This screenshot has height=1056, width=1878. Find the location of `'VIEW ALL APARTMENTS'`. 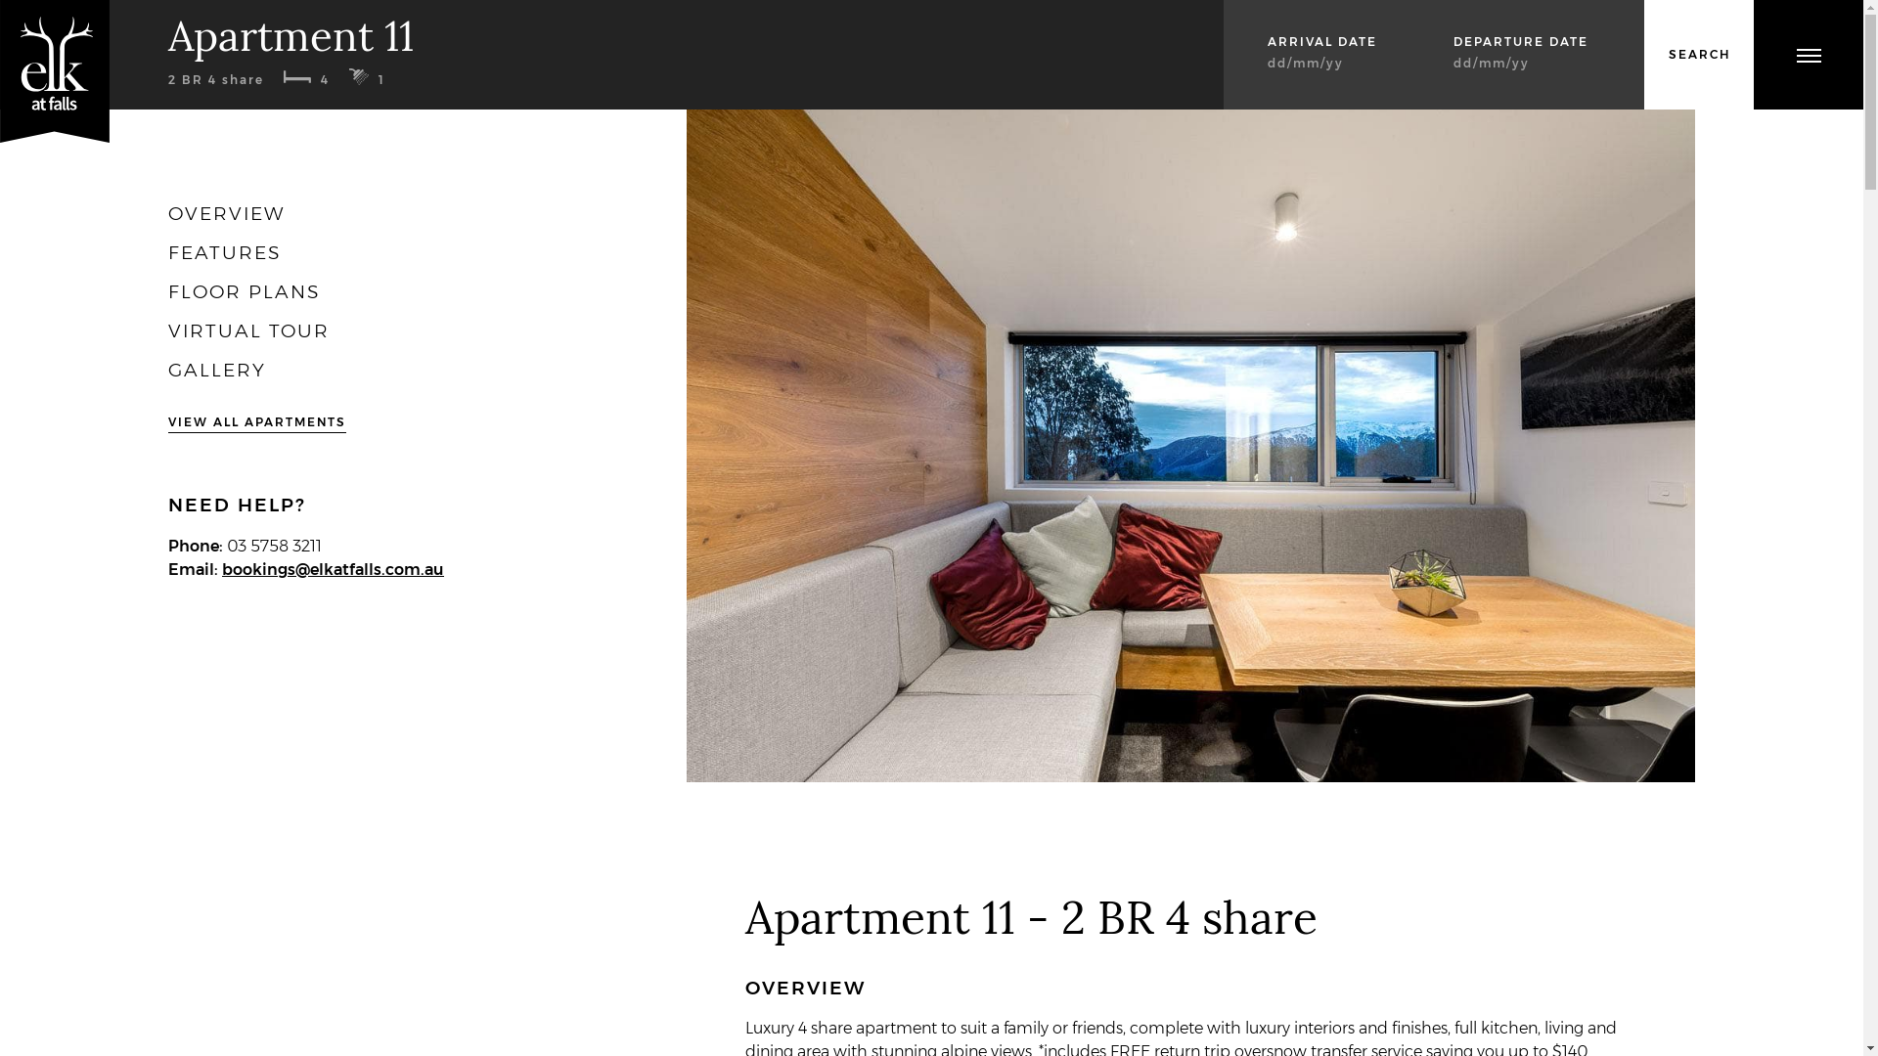

'VIEW ALL APARTMENTS' is located at coordinates (256, 421).